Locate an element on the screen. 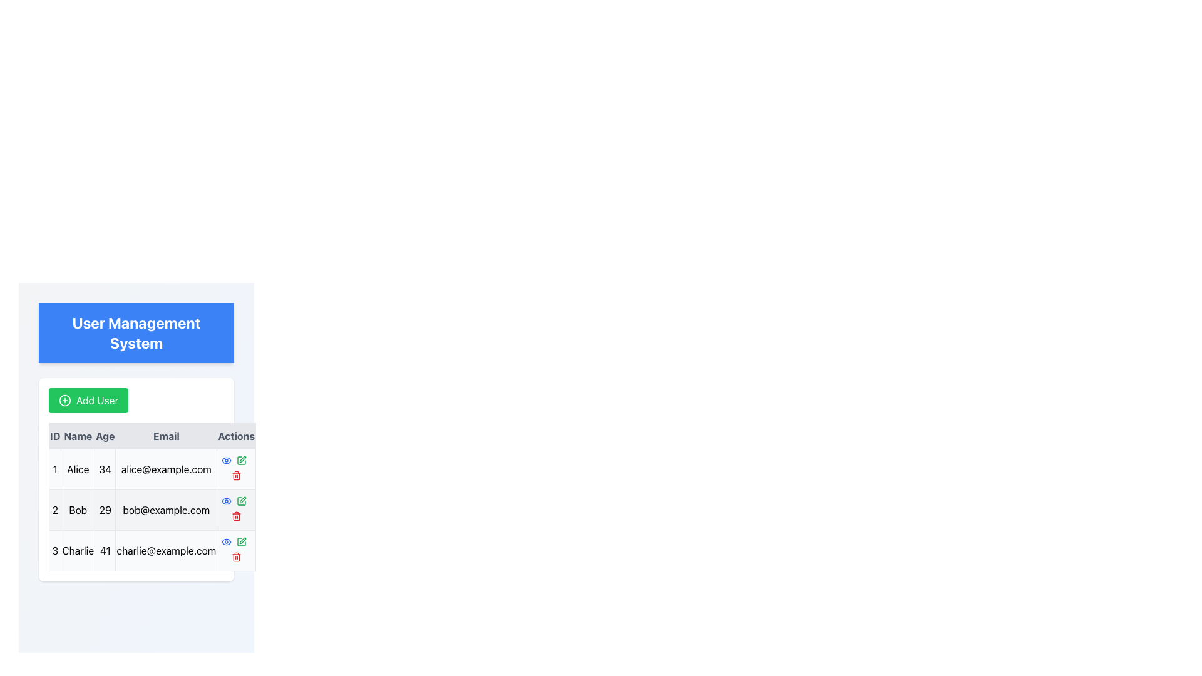 This screenshot has width=1202, height=676. the static text element displaying '34' in the 'Age' column of the user management table for user 'Alice' is located at coordinates (105, 469).